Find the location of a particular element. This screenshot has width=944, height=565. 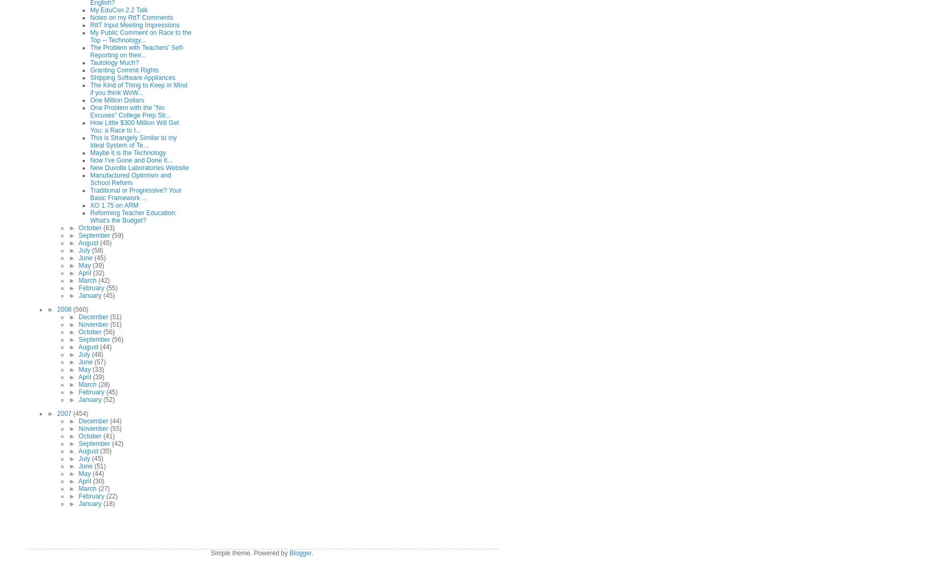

'(41)' is located at coordinates (108, 436).